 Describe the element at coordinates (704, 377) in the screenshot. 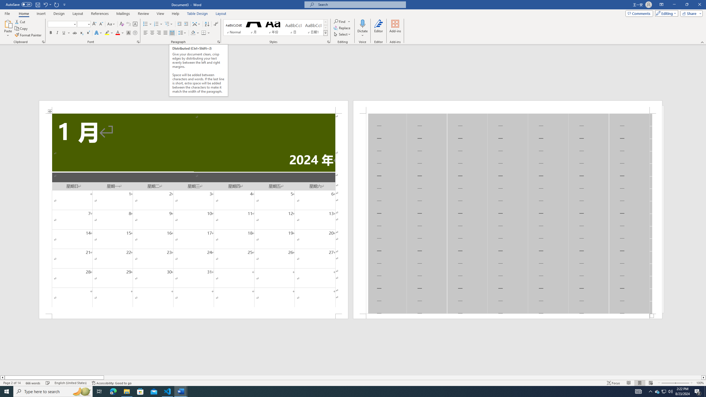

I see `'Column right'` at that location.